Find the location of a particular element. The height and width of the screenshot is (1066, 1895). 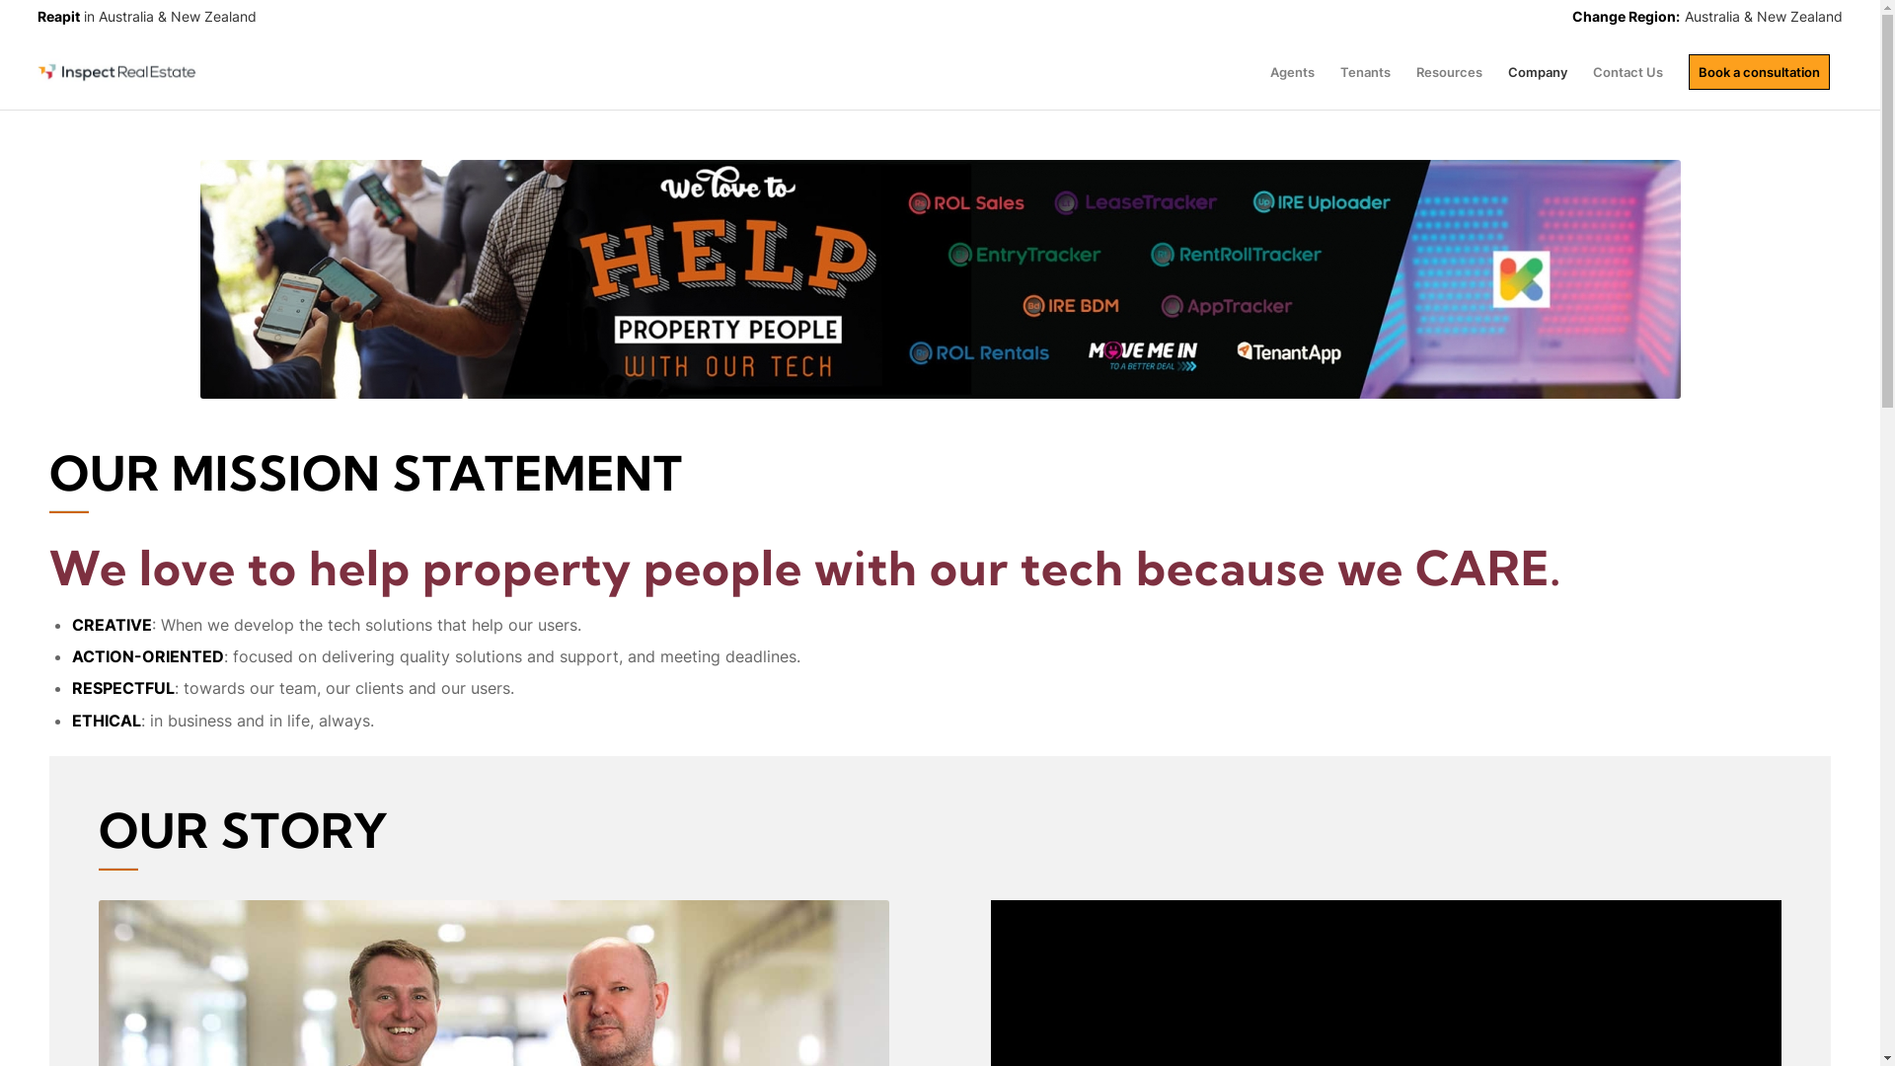

'Resources' is located at coordinates (1449, 71).